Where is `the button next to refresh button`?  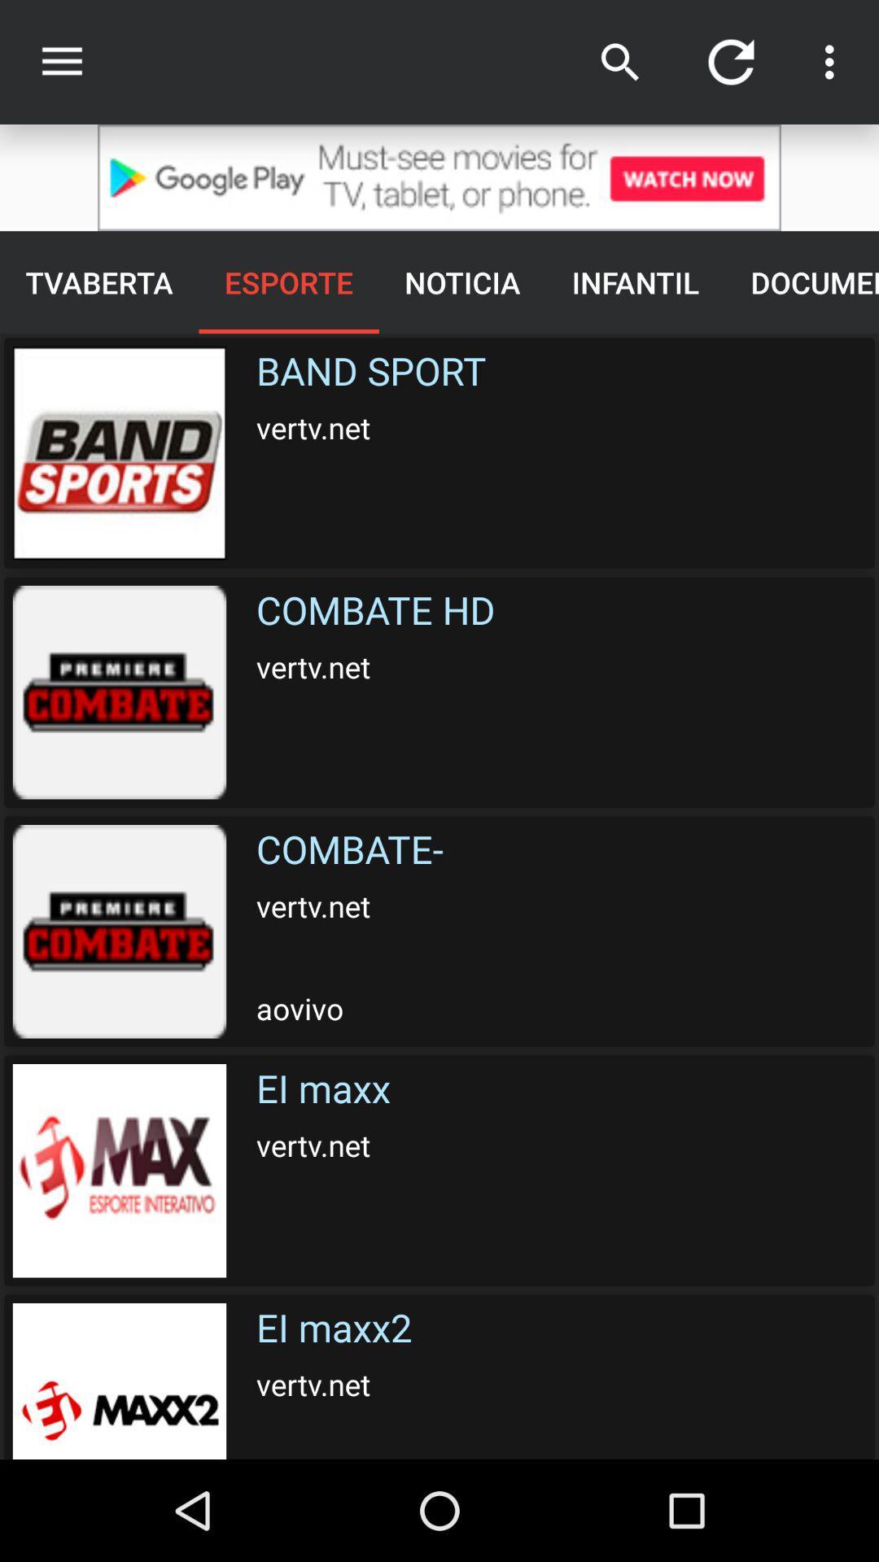 the button next to refresh button is located at coordinates (833, 62).